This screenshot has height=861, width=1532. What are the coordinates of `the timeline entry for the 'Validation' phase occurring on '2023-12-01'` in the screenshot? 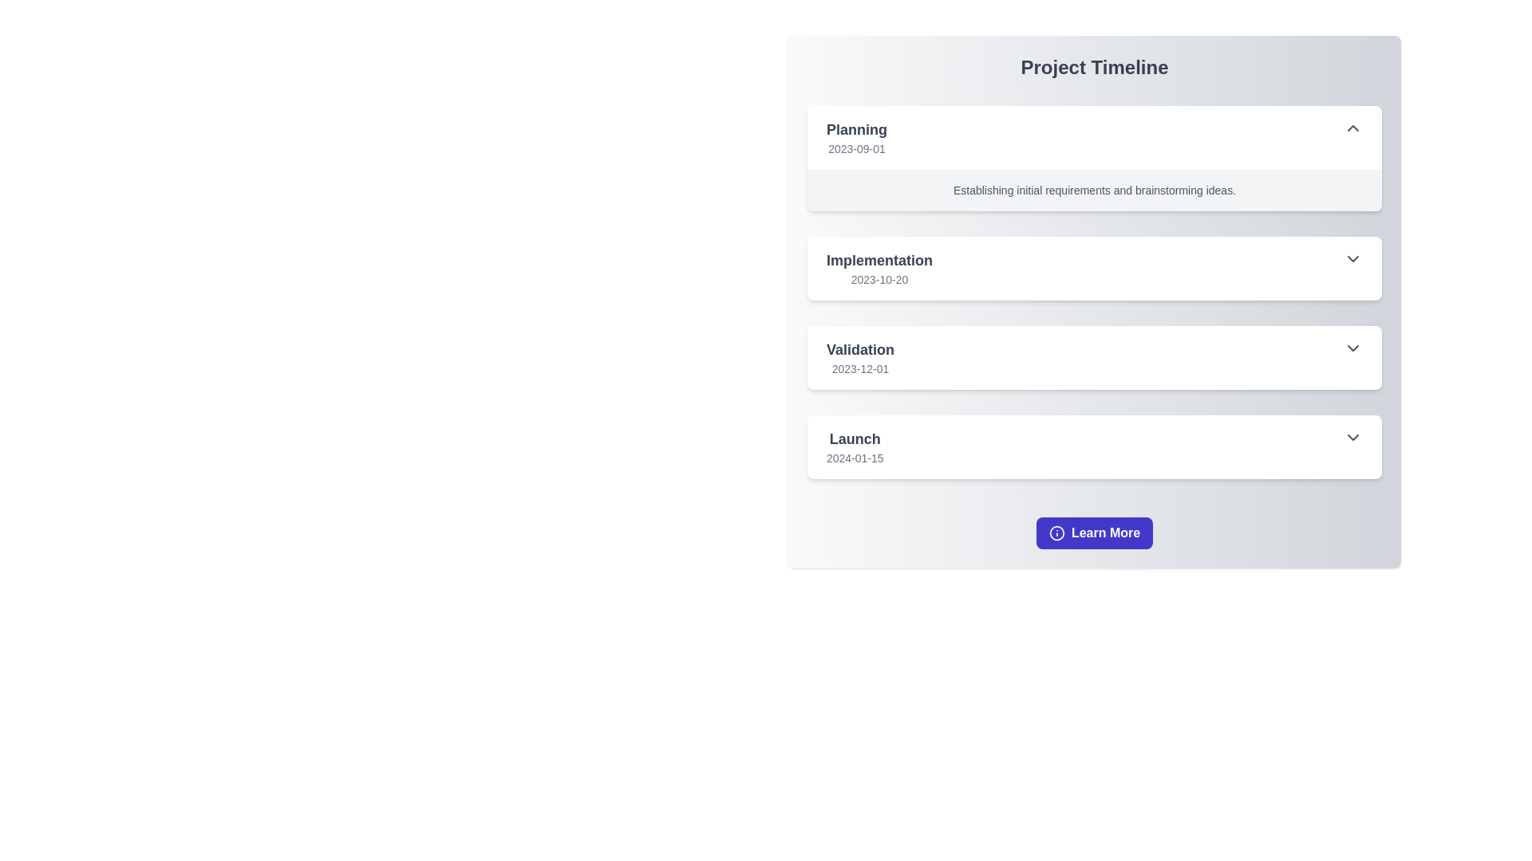 It's located at (1094, 356).